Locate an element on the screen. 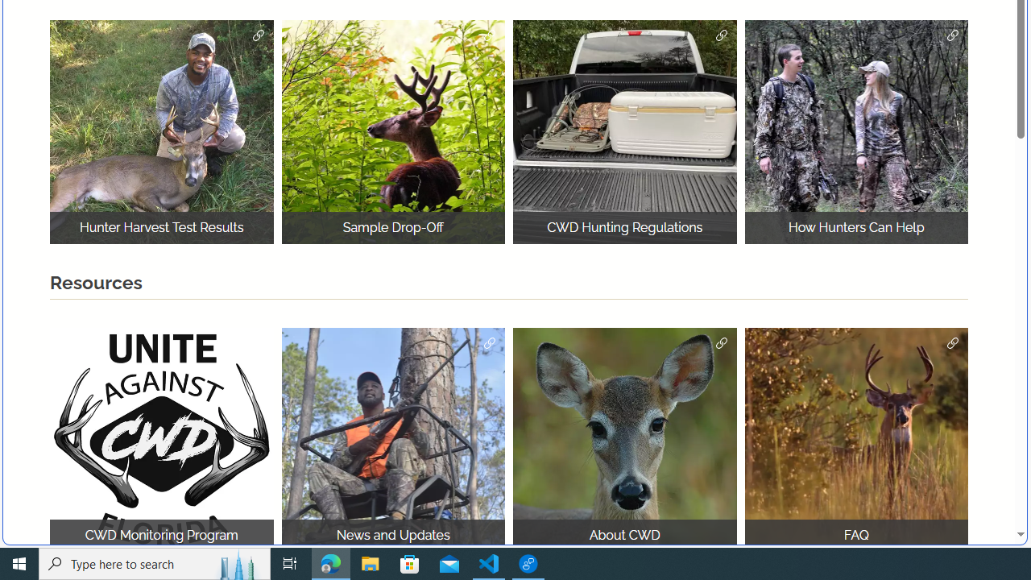 This screenshot has width=1031, height=580. 'FAQ Photo showing a mature antlered while-tailed deer' is located at coordinates (855, 439).